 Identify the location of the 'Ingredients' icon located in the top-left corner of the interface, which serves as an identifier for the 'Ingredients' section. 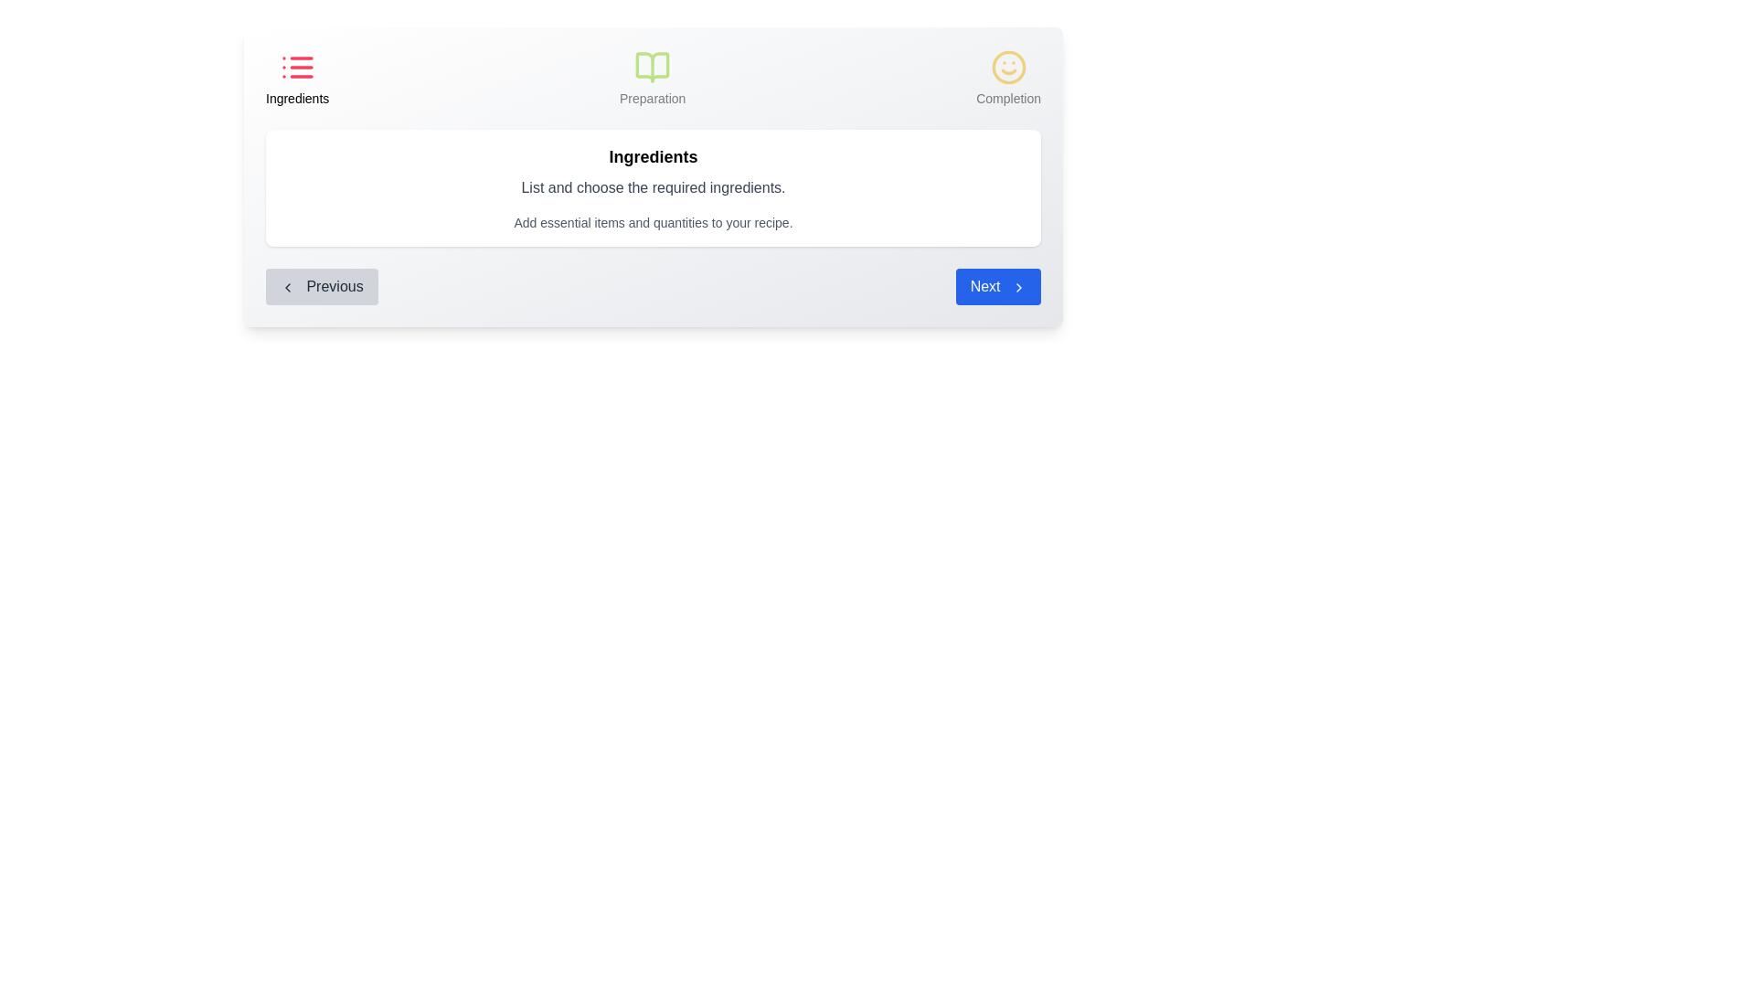
(297, 66).